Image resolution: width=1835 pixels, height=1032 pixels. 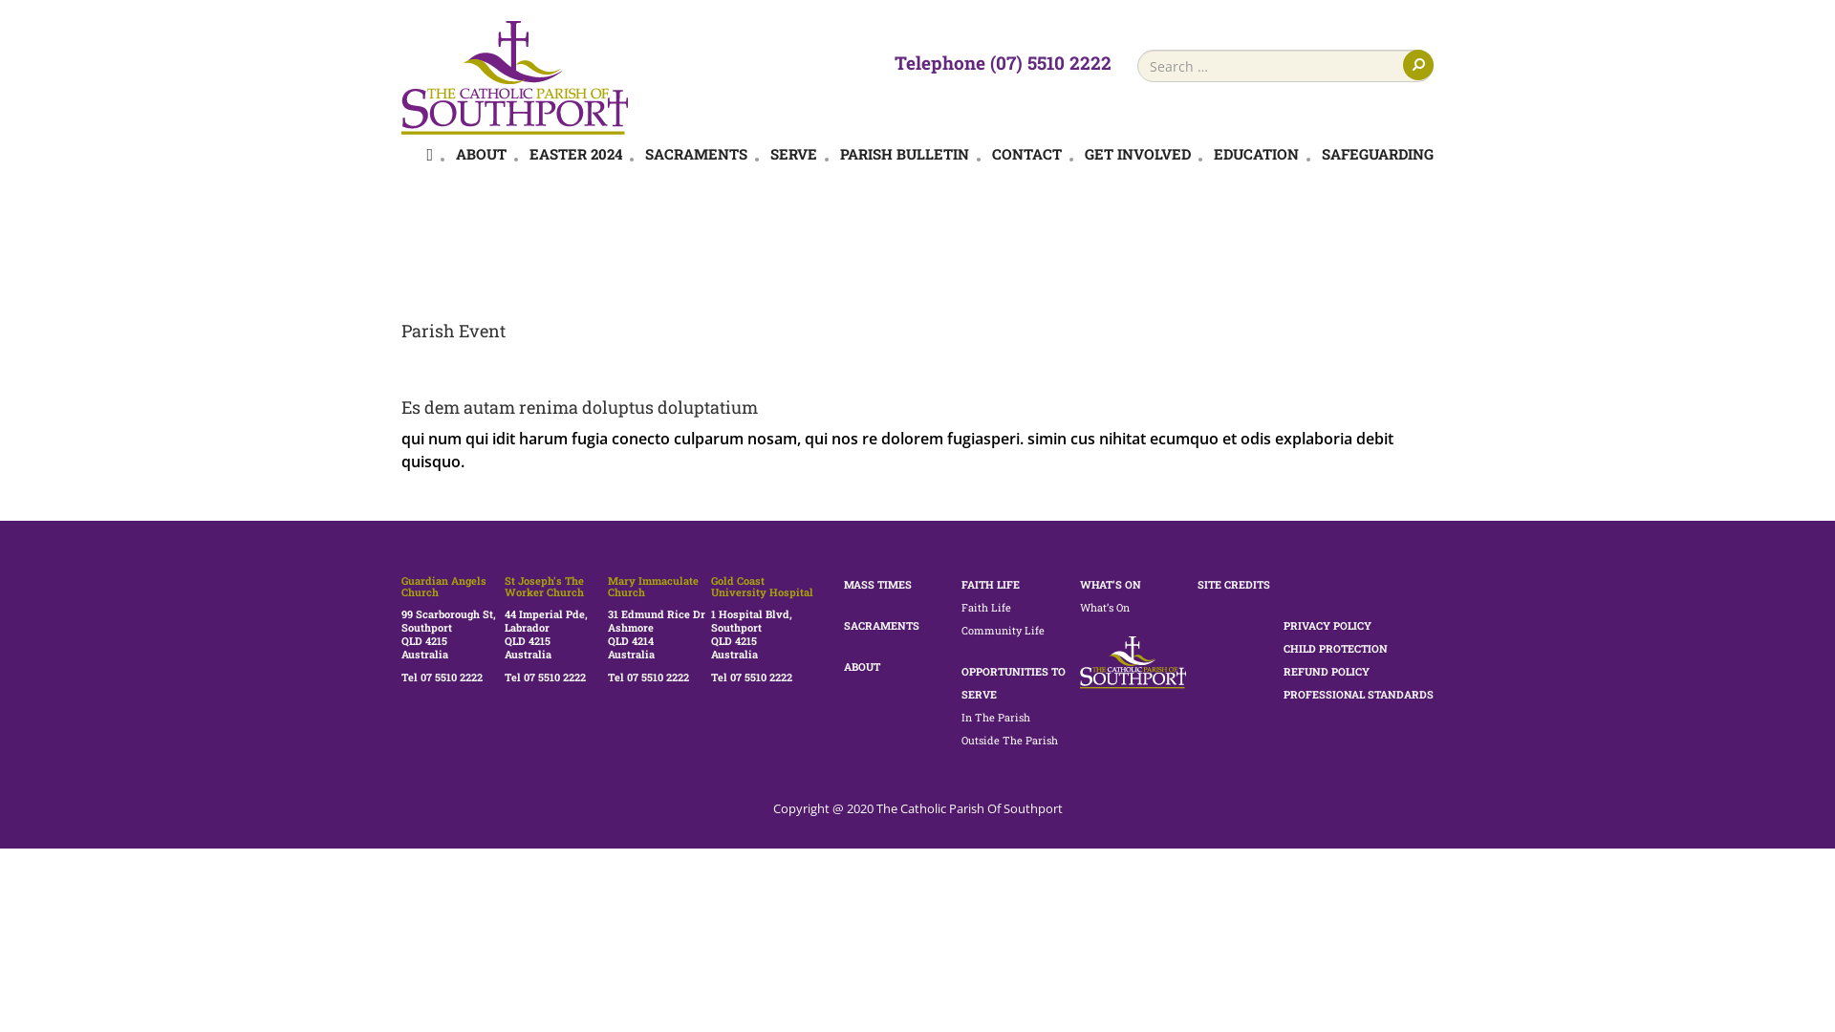 I want to click on 'EDUCATION', so click(x=1213, y=153).